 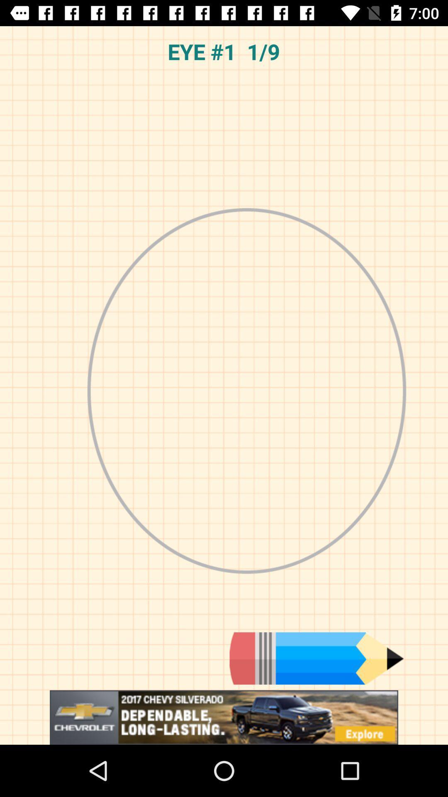 What do you see at coordinates (224, 717) in the screenshot?
I see `click on advertisement` at bounding box center [224, 717].